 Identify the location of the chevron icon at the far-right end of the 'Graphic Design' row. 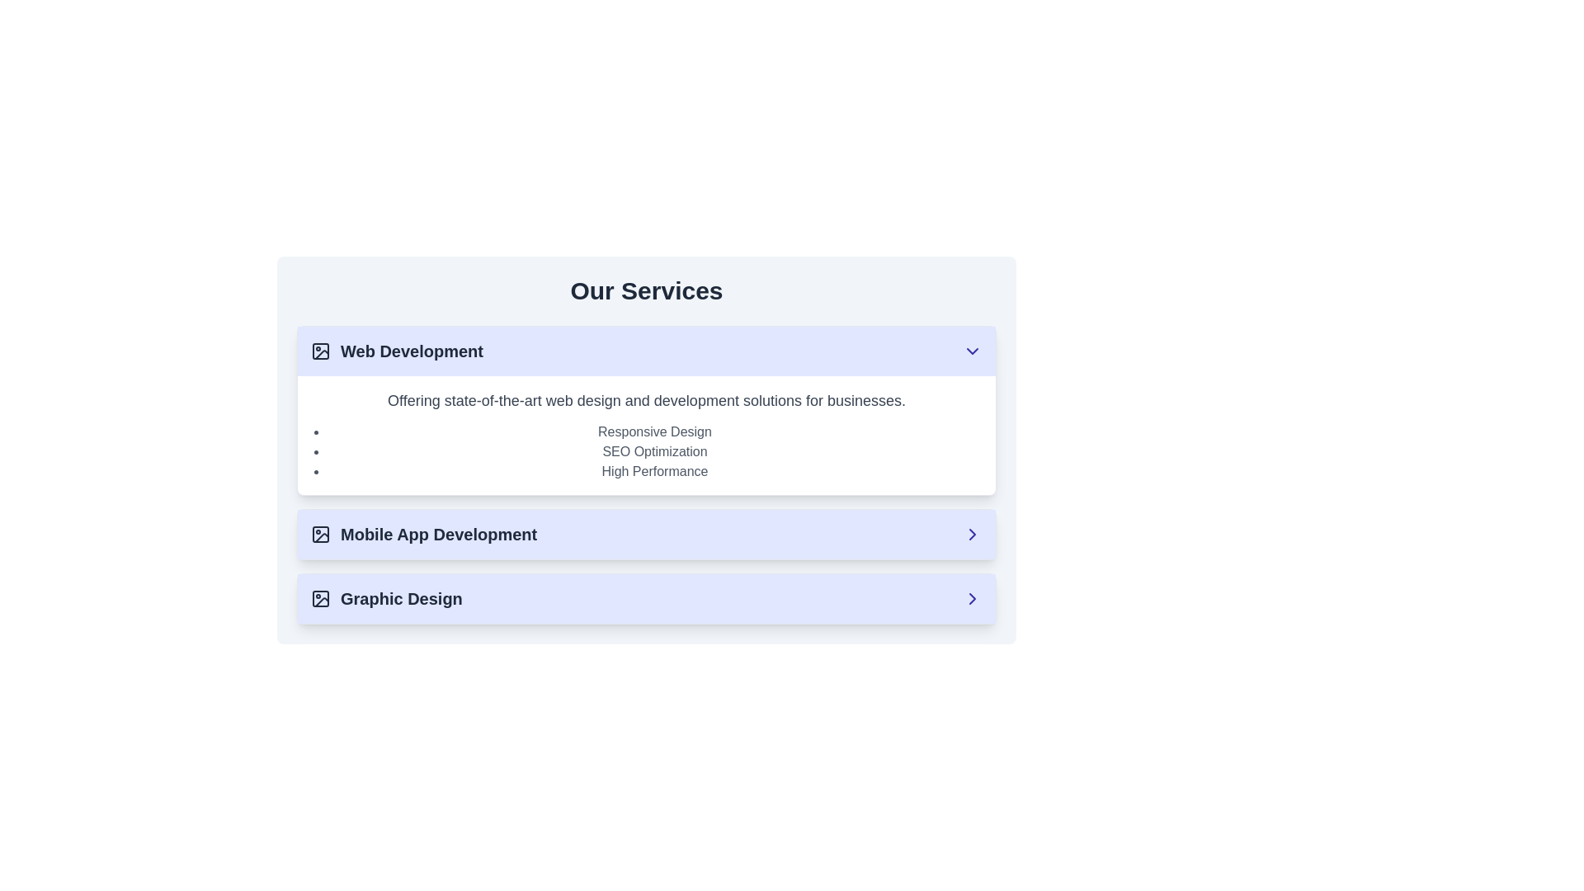
(973, 598).